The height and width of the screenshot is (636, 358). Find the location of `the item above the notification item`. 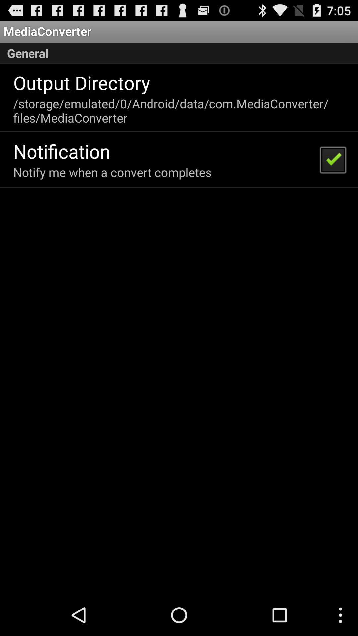

the item above the notification item is located at coordinates (178, 111).